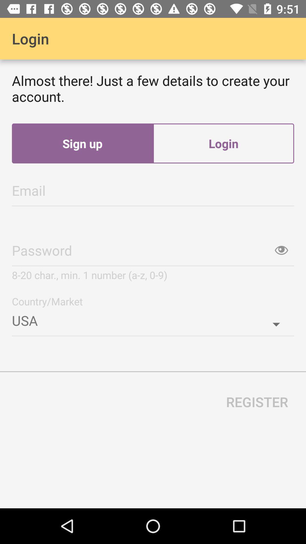  I want to click on icon below almost there just, so click(82, 143).